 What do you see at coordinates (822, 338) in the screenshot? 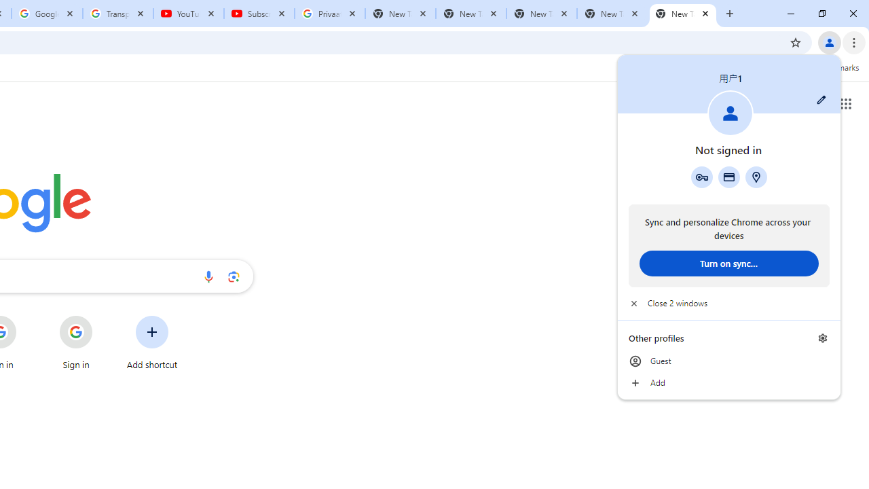
I see `'Manage profiles'` at bounding box center [822, 338].